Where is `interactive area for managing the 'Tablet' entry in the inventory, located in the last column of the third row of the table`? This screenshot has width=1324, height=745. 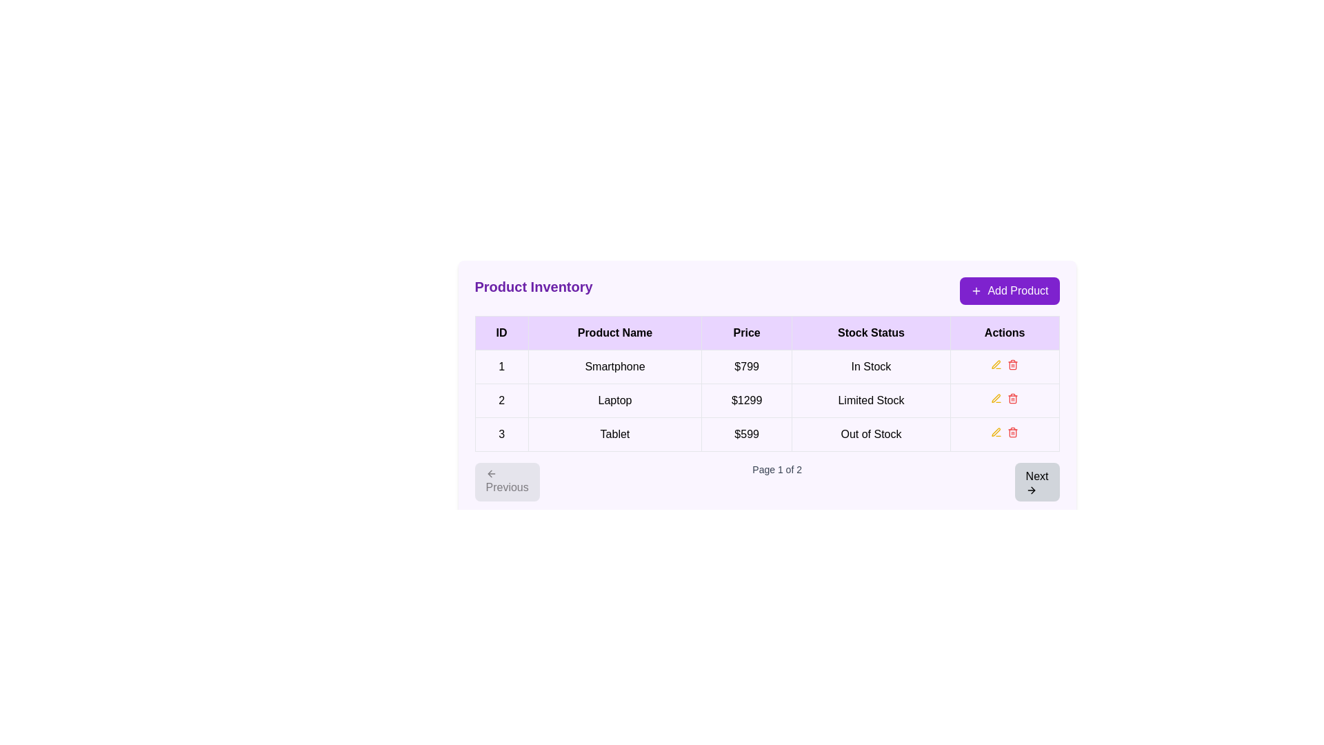
interactive area for managing the 'Tablet' entry in the inventory, located in the last column of the third row of the table is located at coordinates (1005, 433).